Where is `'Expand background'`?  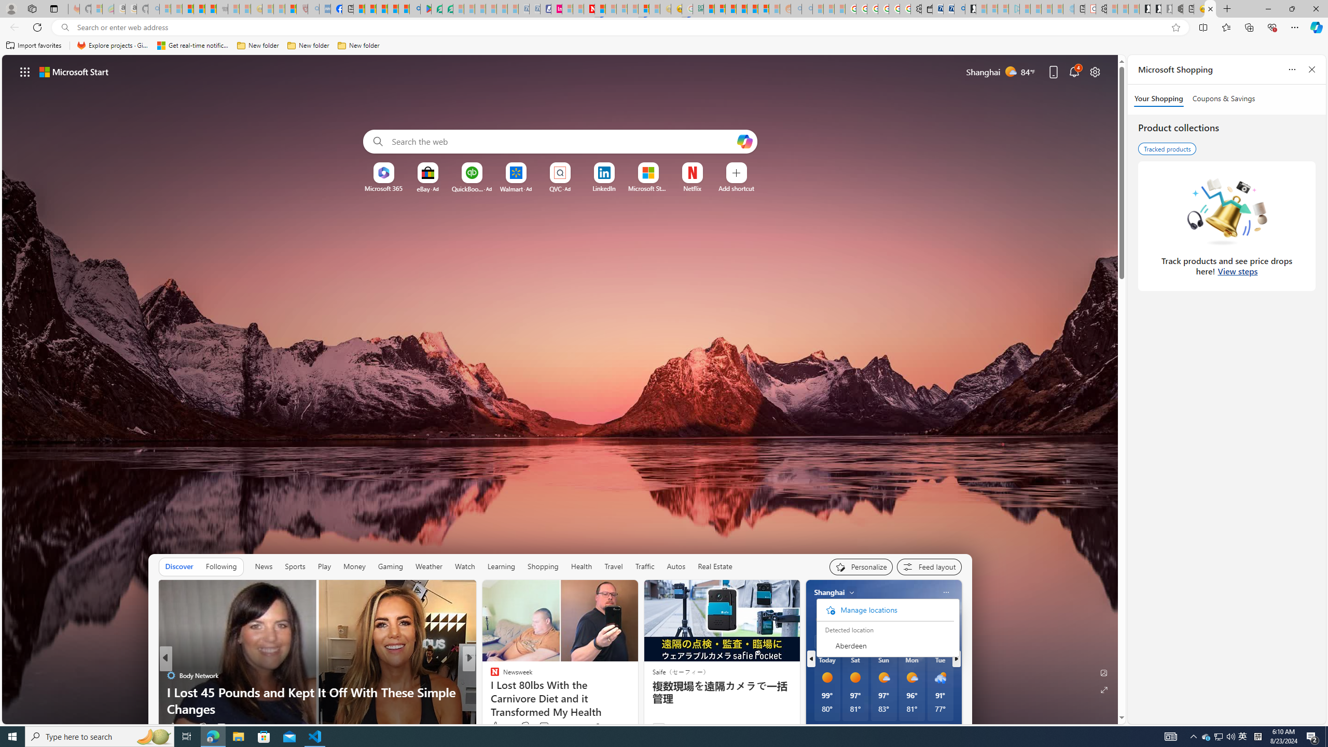 'Expand background' is located at coordinates (1103, 690).